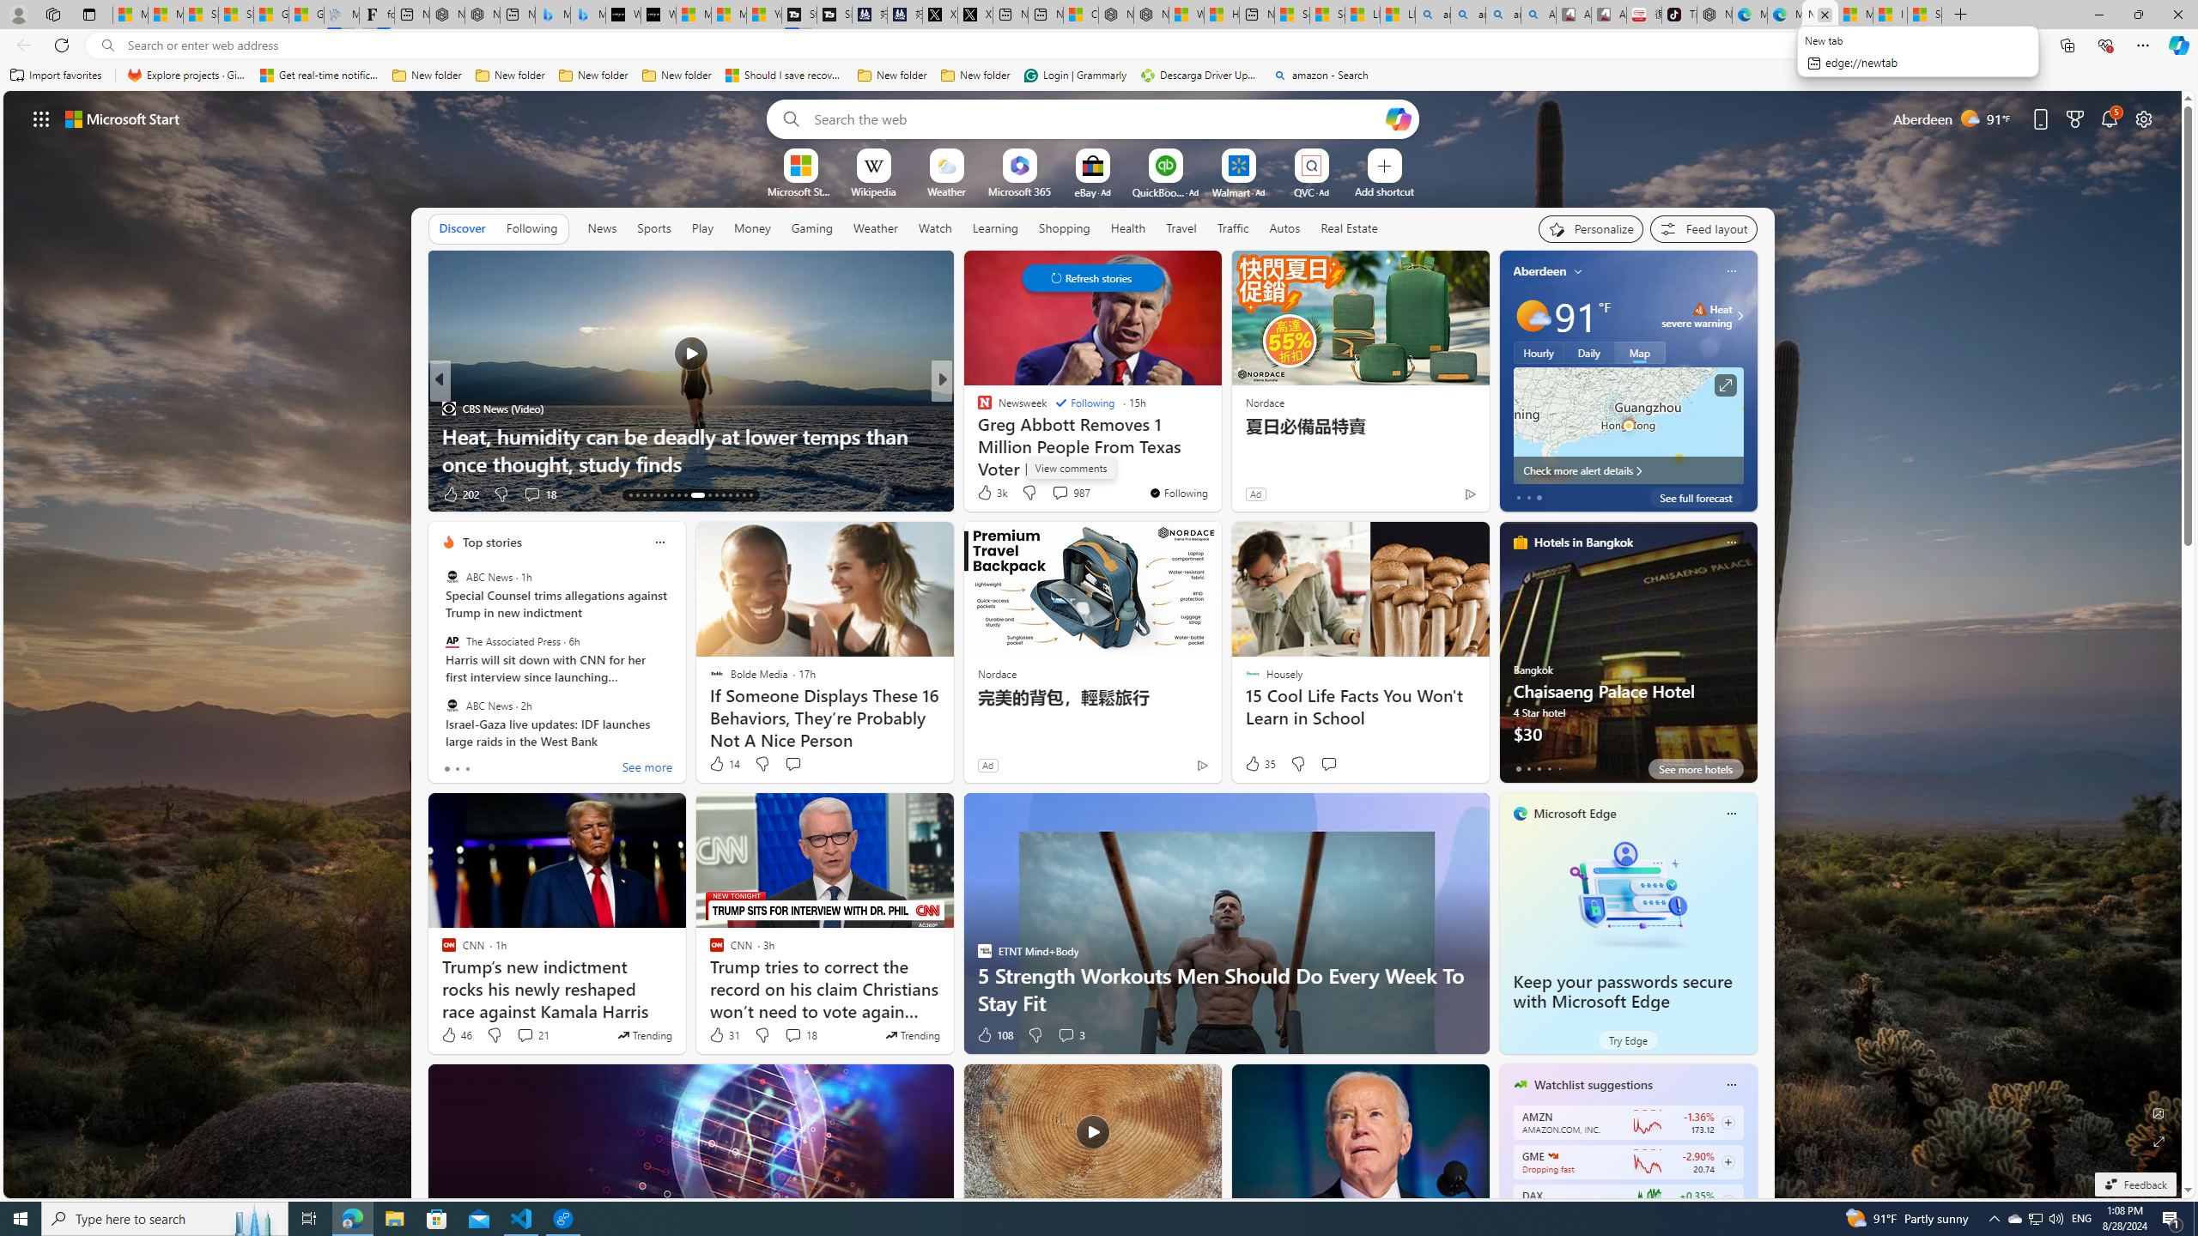  Describe the element at coordinates (985, 494) in the screenshot. I see `'69 Like'` at that location.